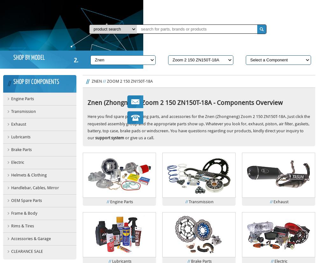  Describe the element at coordinates (29, 58) in the screenshot. I see `'SHOP BY MODEL'` at that location.